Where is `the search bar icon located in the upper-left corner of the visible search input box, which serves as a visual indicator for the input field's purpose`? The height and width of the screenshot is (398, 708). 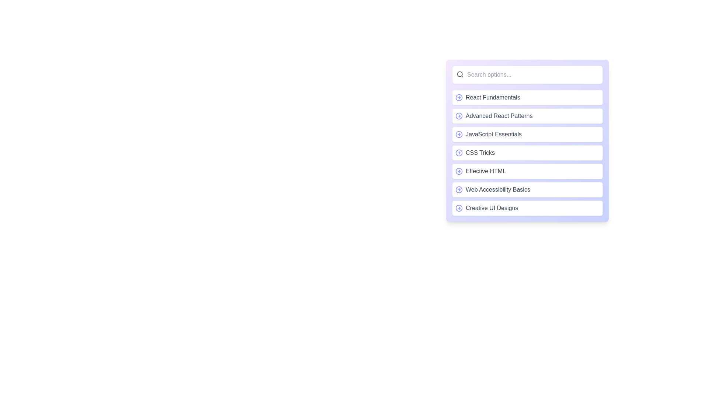 the search bar icon located in the upper-left corner of the visible search input box, which serves as a visual indicator for the input field's purpose is located at coordinates (460, 74).